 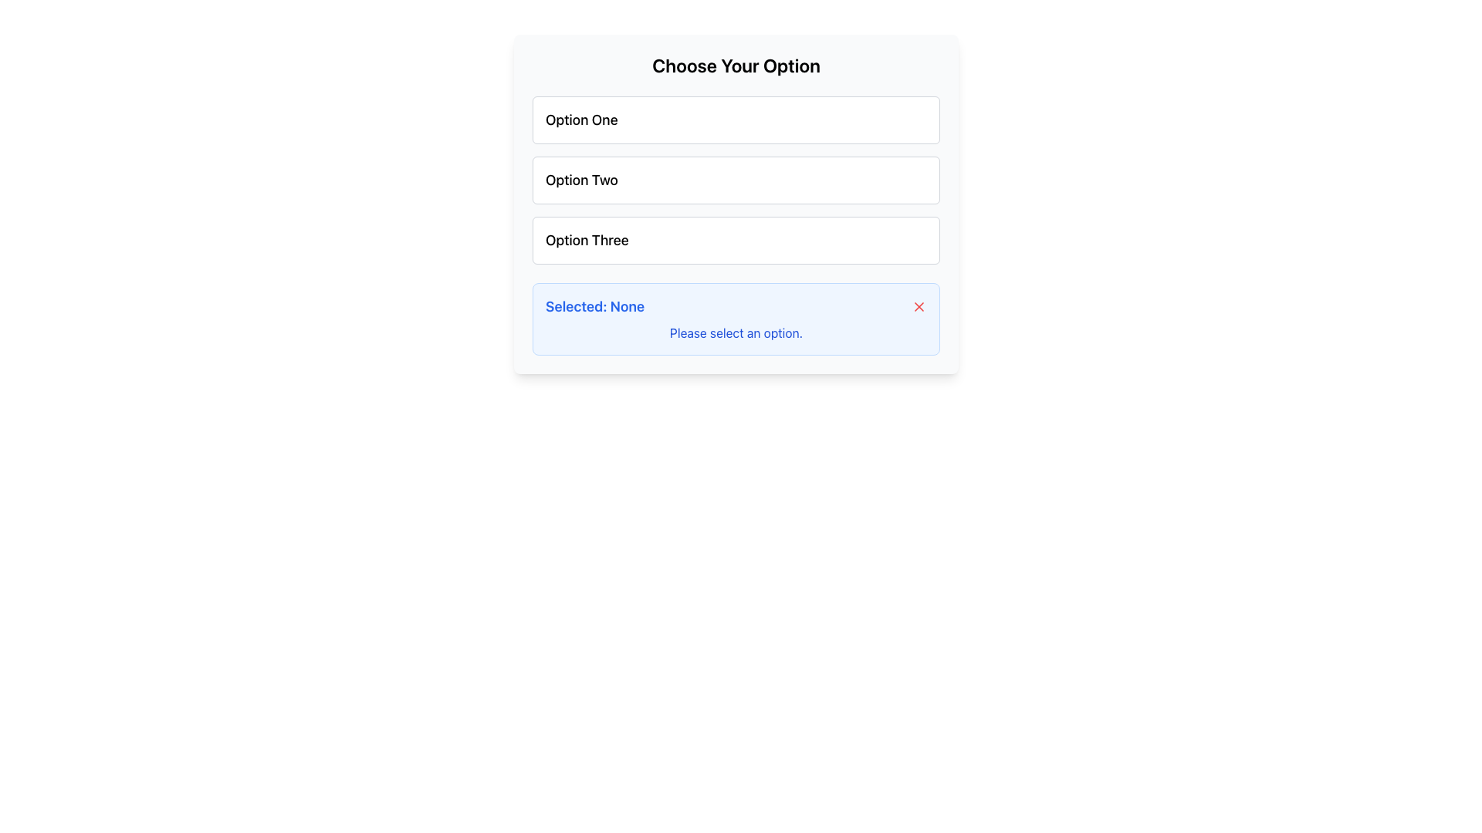 I want to click on the red 'X' icon button located to the right of the 'Selected: None' status display to clear the selection, so click(x=919, y=306).